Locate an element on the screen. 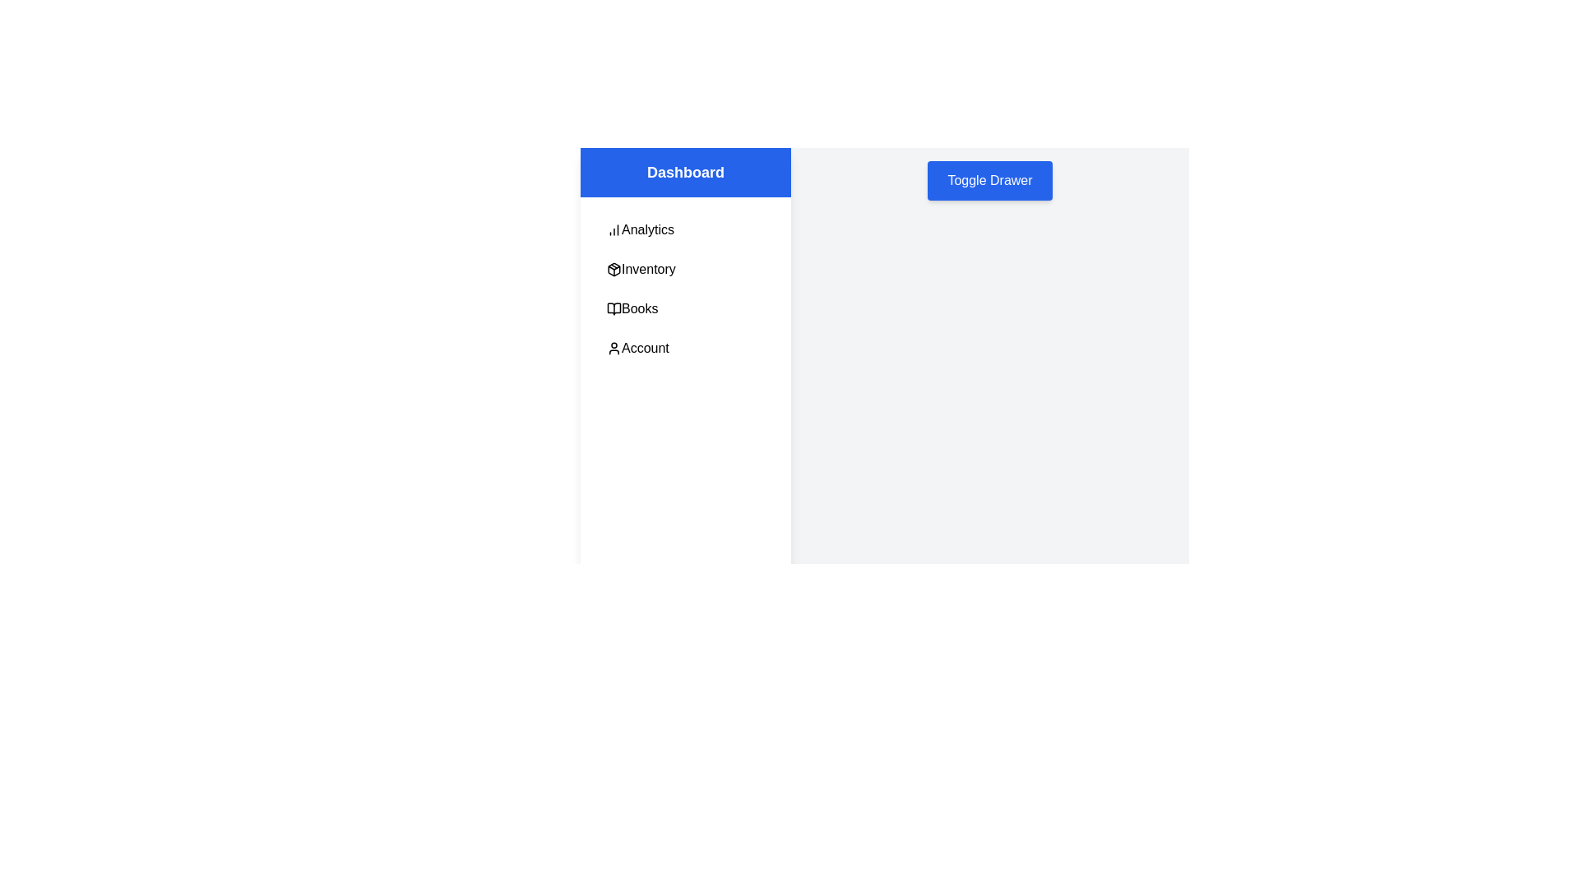  the menu item Account in the drawer is located at coordinates (686, 348).